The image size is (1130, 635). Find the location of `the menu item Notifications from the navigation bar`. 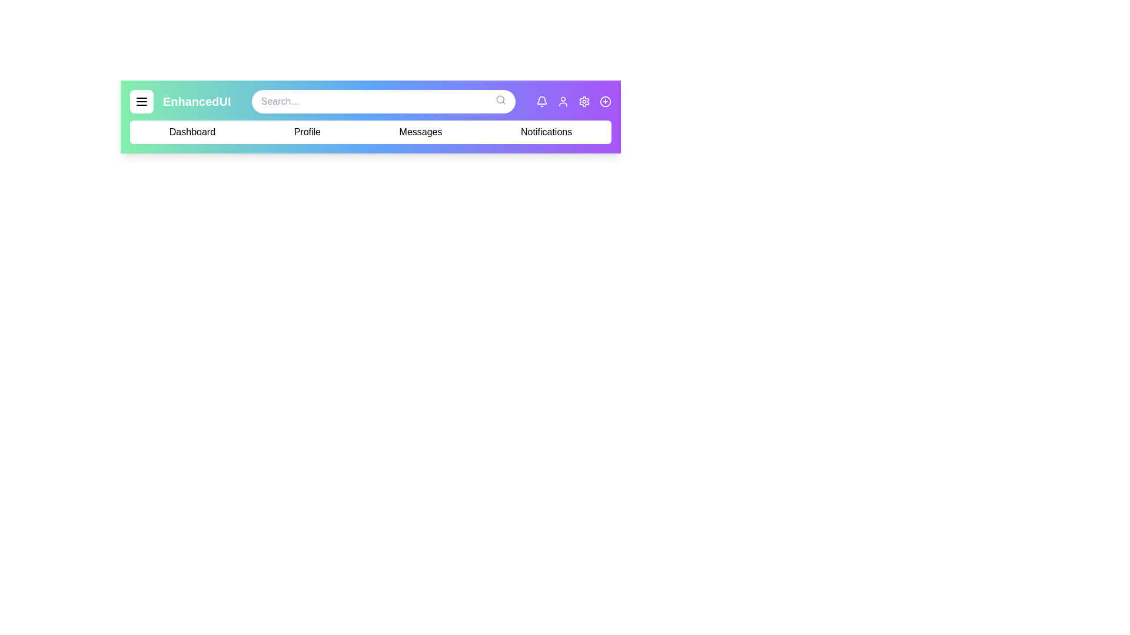

the menu item Notifications from the navigation bar is located at coordinates (546, 132).